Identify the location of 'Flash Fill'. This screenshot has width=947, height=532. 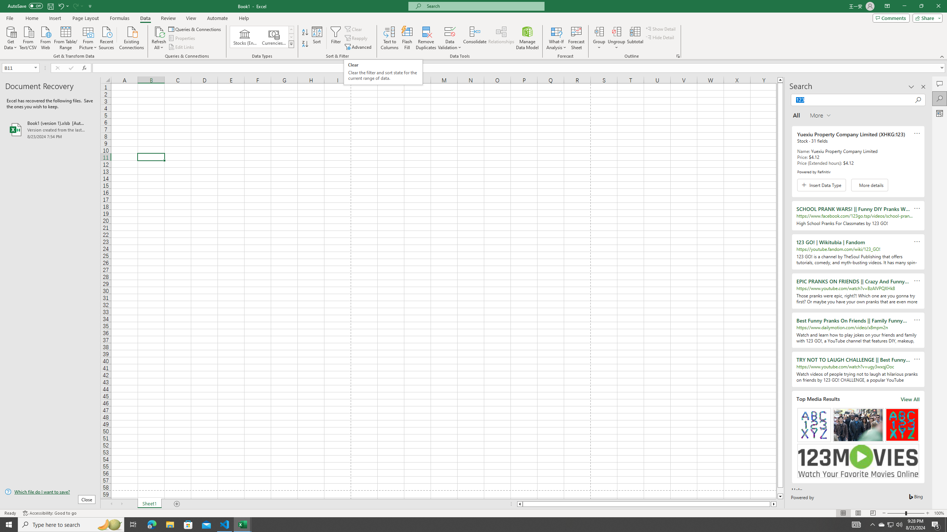
(407, 38).